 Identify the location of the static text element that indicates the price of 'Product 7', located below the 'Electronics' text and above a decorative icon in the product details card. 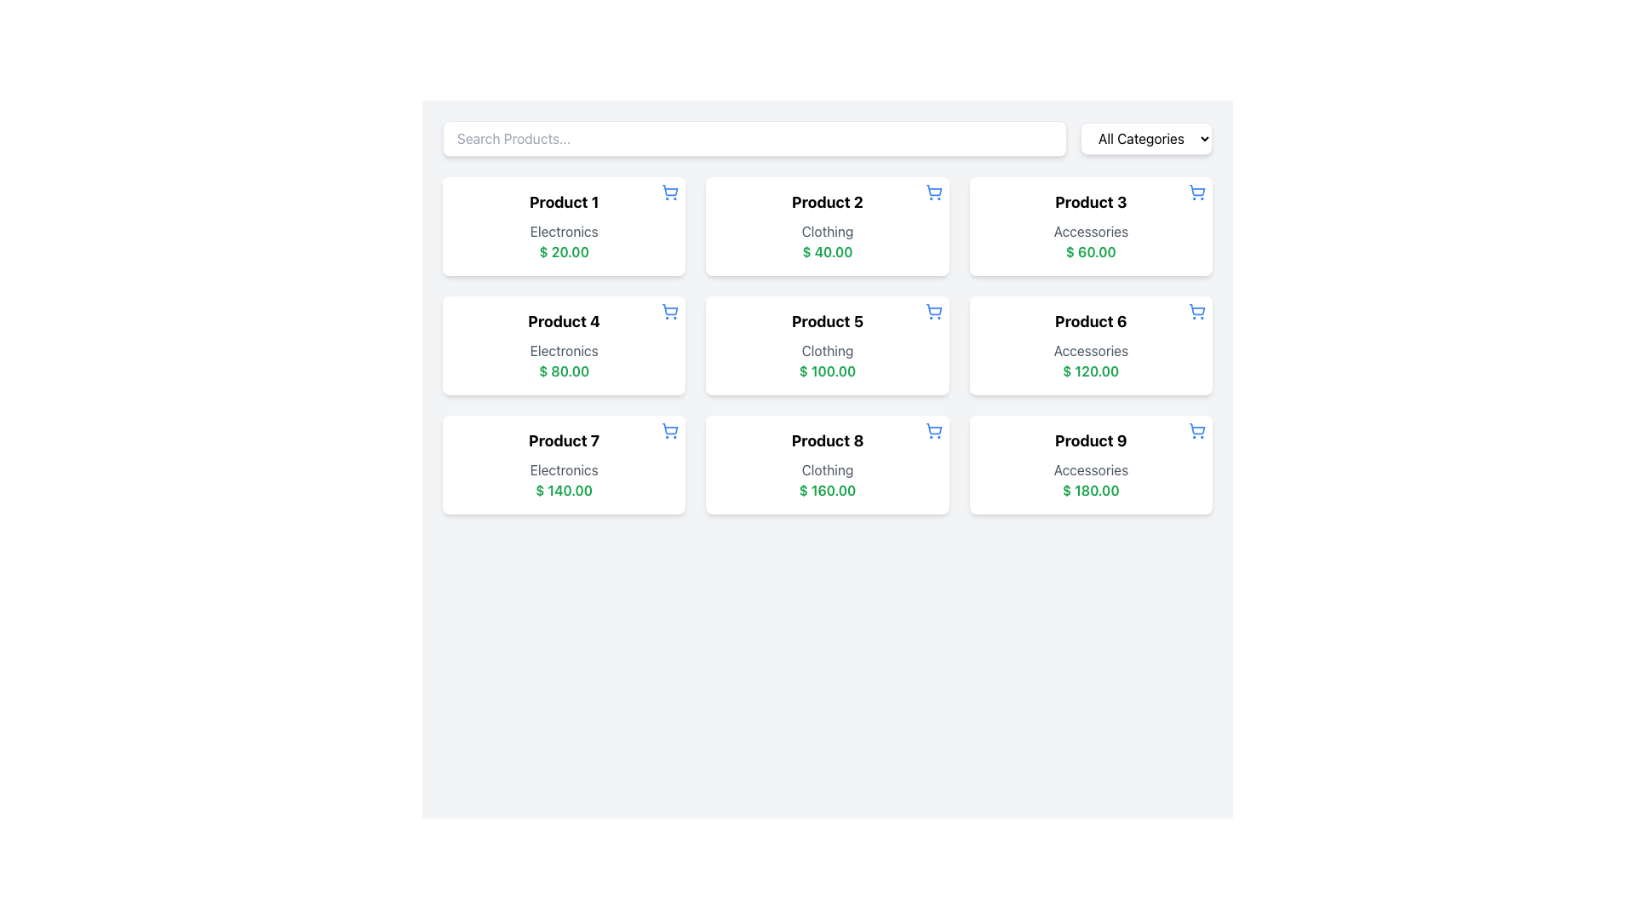
(564, 490).